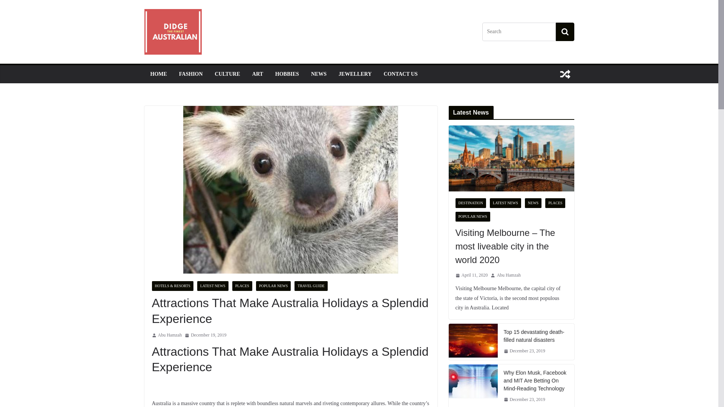  Describe the element at coordinates (503, 351) in the screenshot. I see `'December 23, 2019'` at that location.